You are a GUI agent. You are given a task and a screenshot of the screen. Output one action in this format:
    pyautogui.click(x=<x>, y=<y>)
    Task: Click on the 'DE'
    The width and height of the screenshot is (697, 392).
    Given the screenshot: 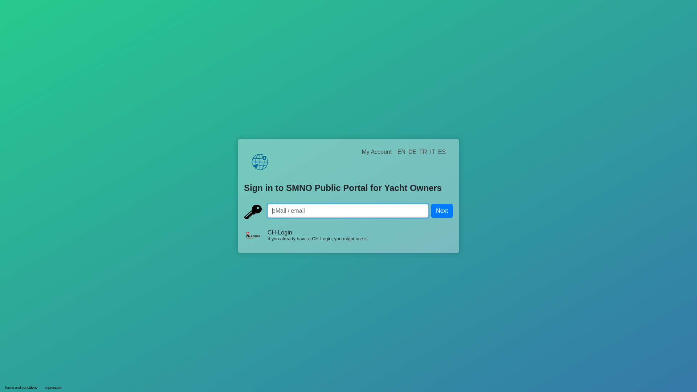 What is the action you would take?
    pyautogui.click(x=412, y=151)
    